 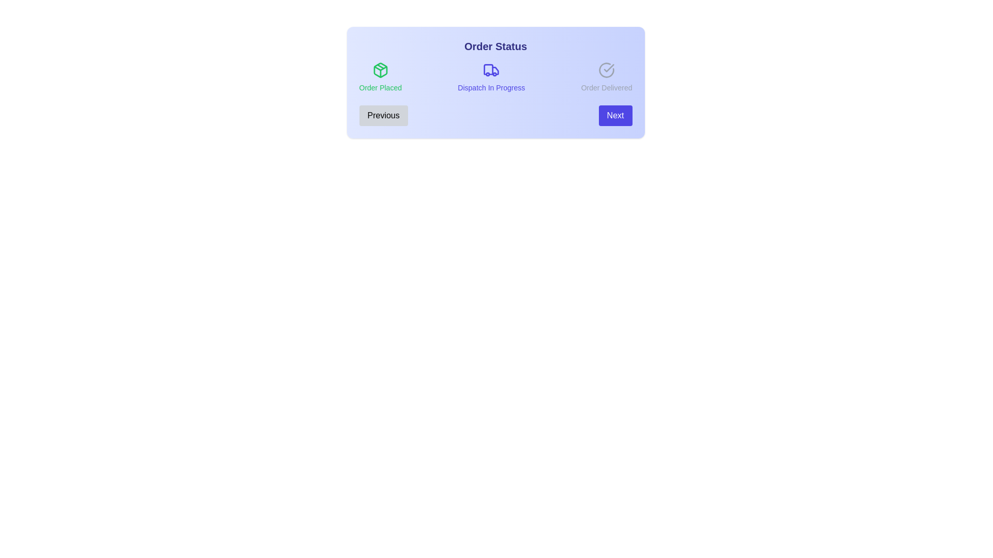 I want to click on the gray circular icon with a checkmark inside, located in the 'Order Delivered' section, positioned to the rightmost side of the status display area, so click(x=607, y=70).